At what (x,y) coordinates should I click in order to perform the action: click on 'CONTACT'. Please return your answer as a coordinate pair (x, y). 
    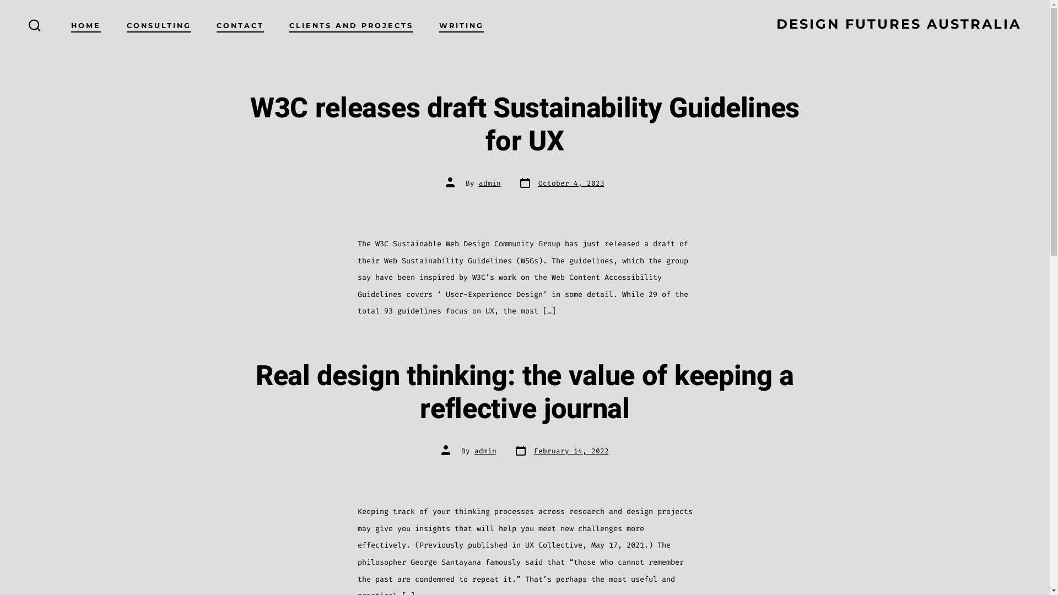
    Looking at the image, I should click on (240, 25).